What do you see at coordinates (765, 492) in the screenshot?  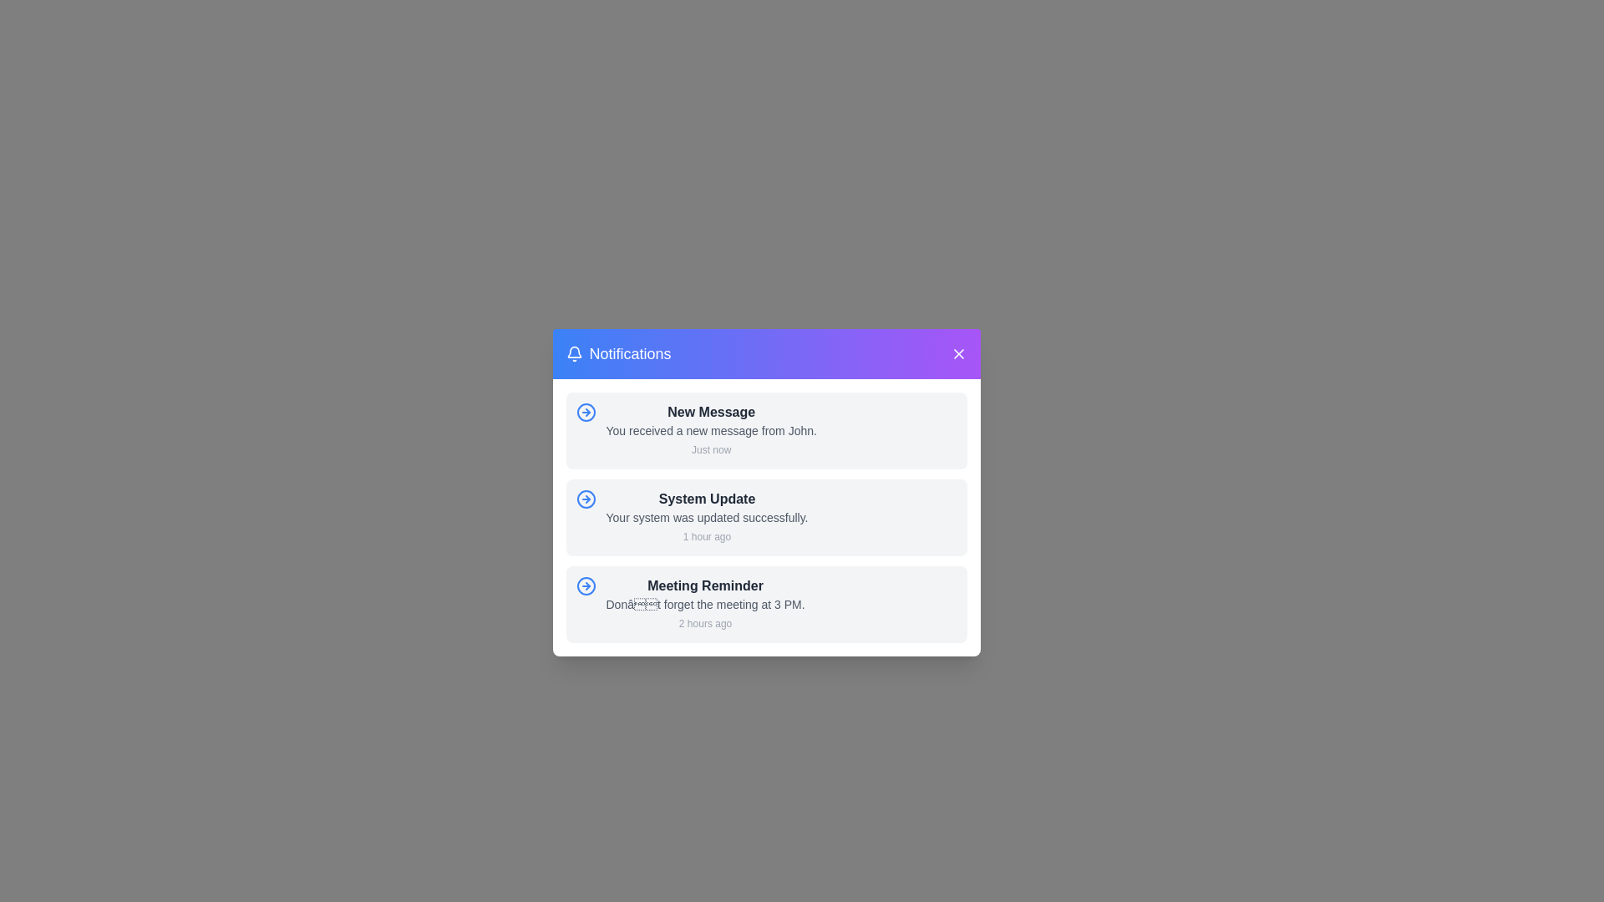 I see `the notification dialog box titled 'Notifications', which includes the prominent 'System Update' notification` at bounding box center [765, 492].